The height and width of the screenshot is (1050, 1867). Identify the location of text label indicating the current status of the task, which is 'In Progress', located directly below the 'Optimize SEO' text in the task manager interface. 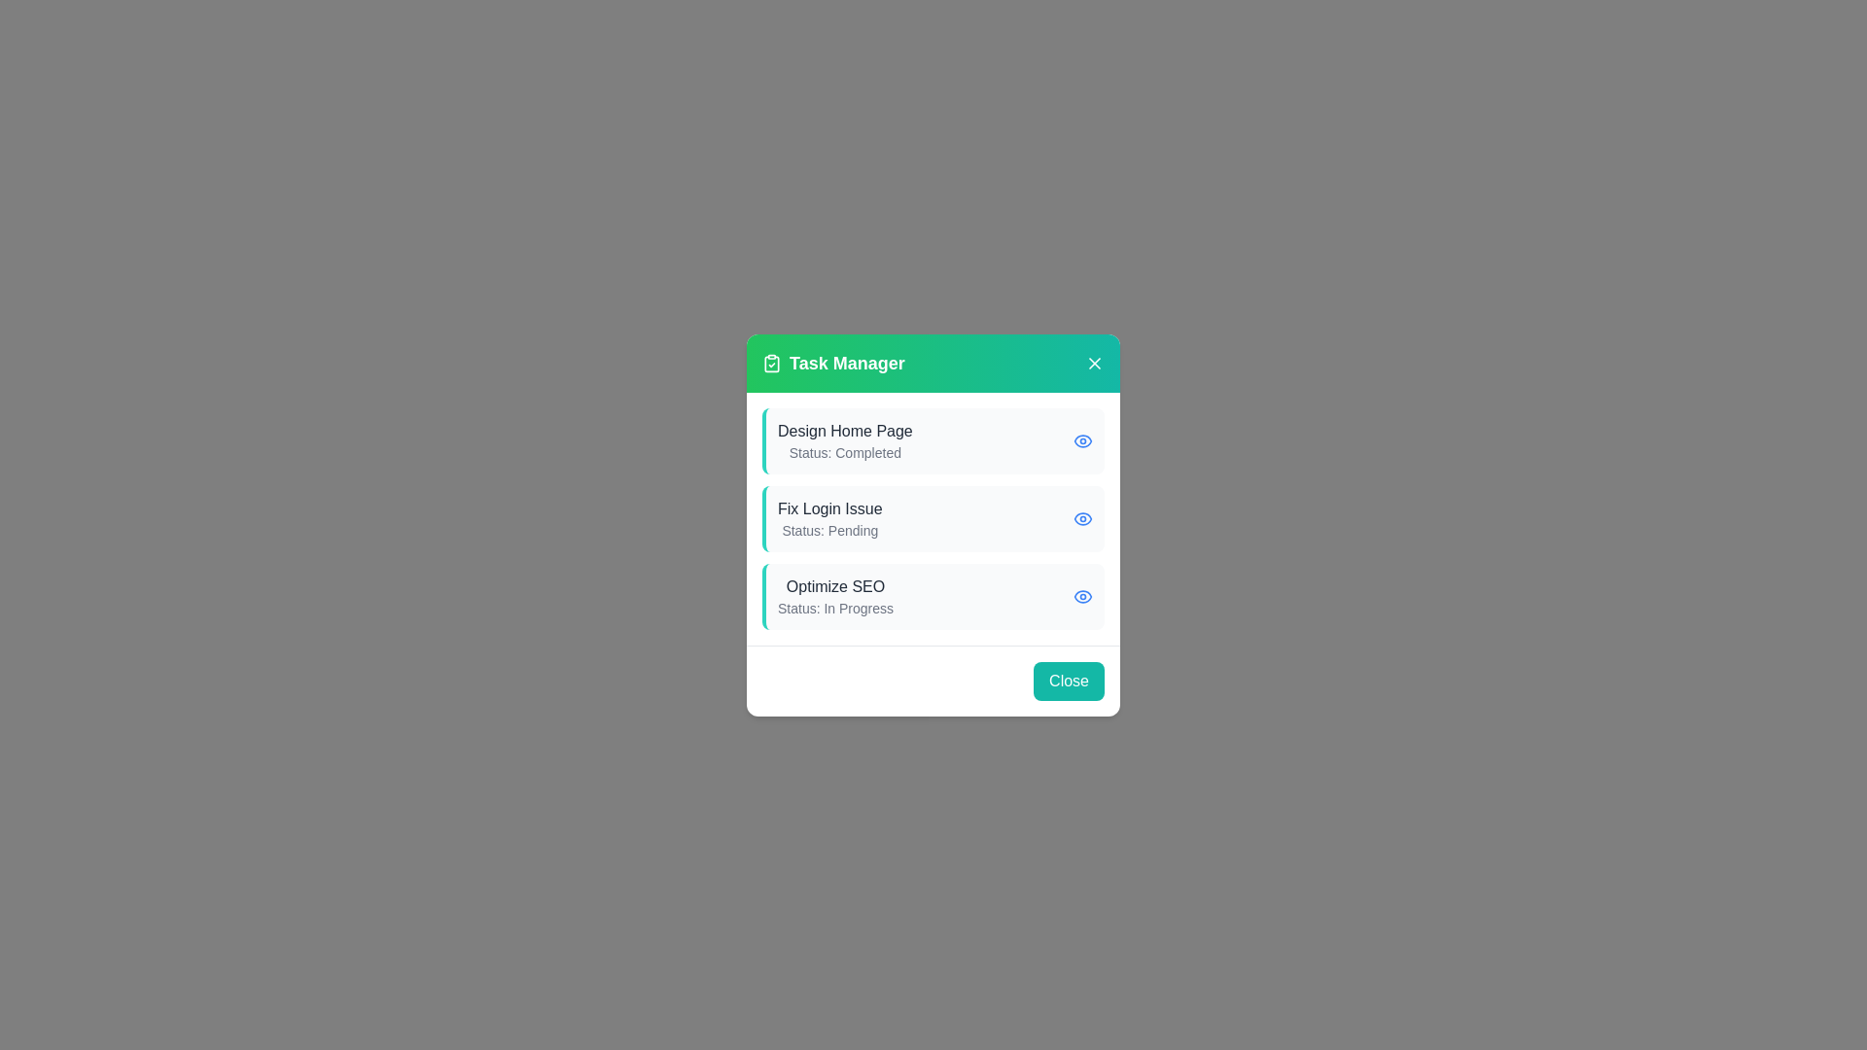
(835, 607).